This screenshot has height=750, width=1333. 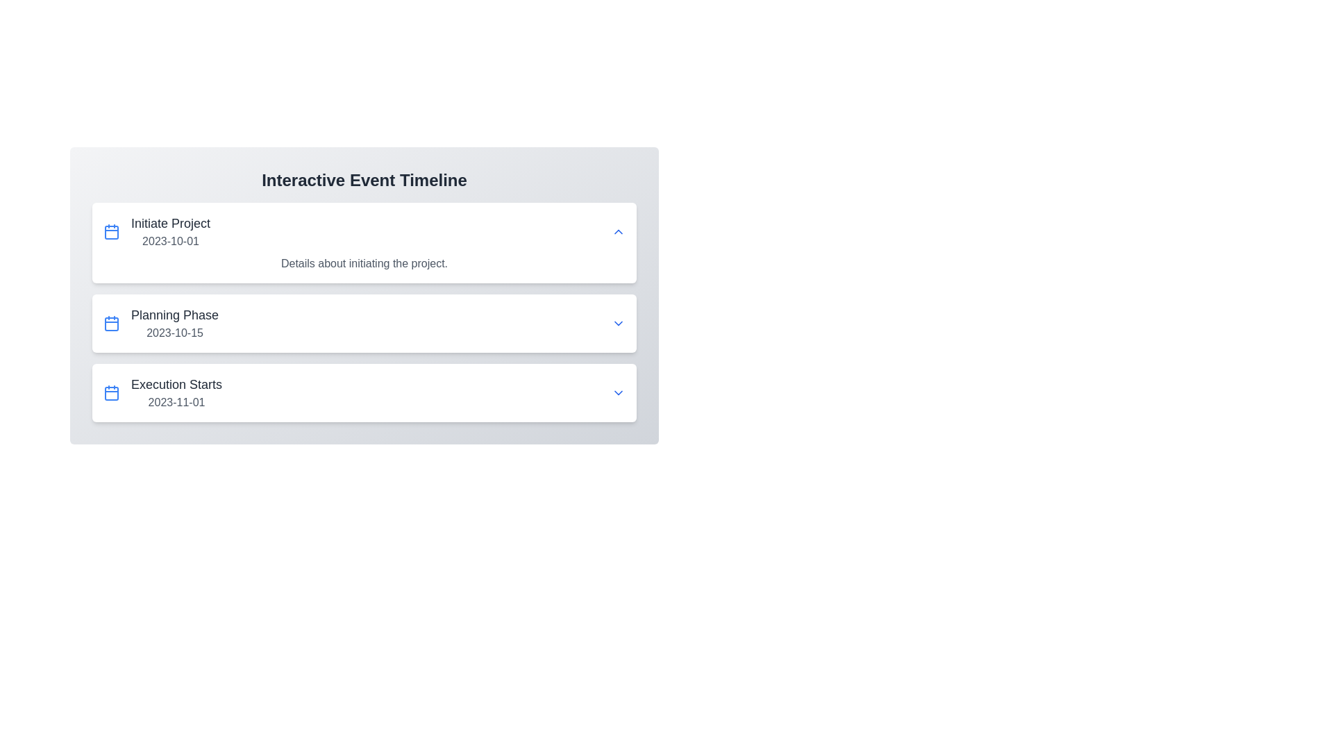 I want to click on text from the Text Block titled 'Initiate Project' which has a larger, bold font for the title and a smaller font displaying the date '2023-10-01', located at the top of the 'Interactive Event Timeline' section, so click(x=169, y=231).